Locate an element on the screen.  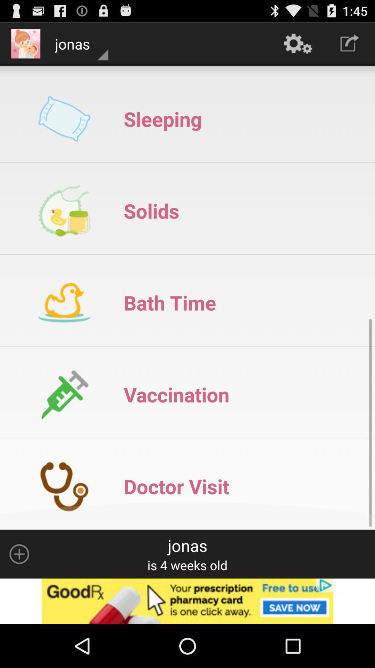
add information is located at coordinates (19, 554).